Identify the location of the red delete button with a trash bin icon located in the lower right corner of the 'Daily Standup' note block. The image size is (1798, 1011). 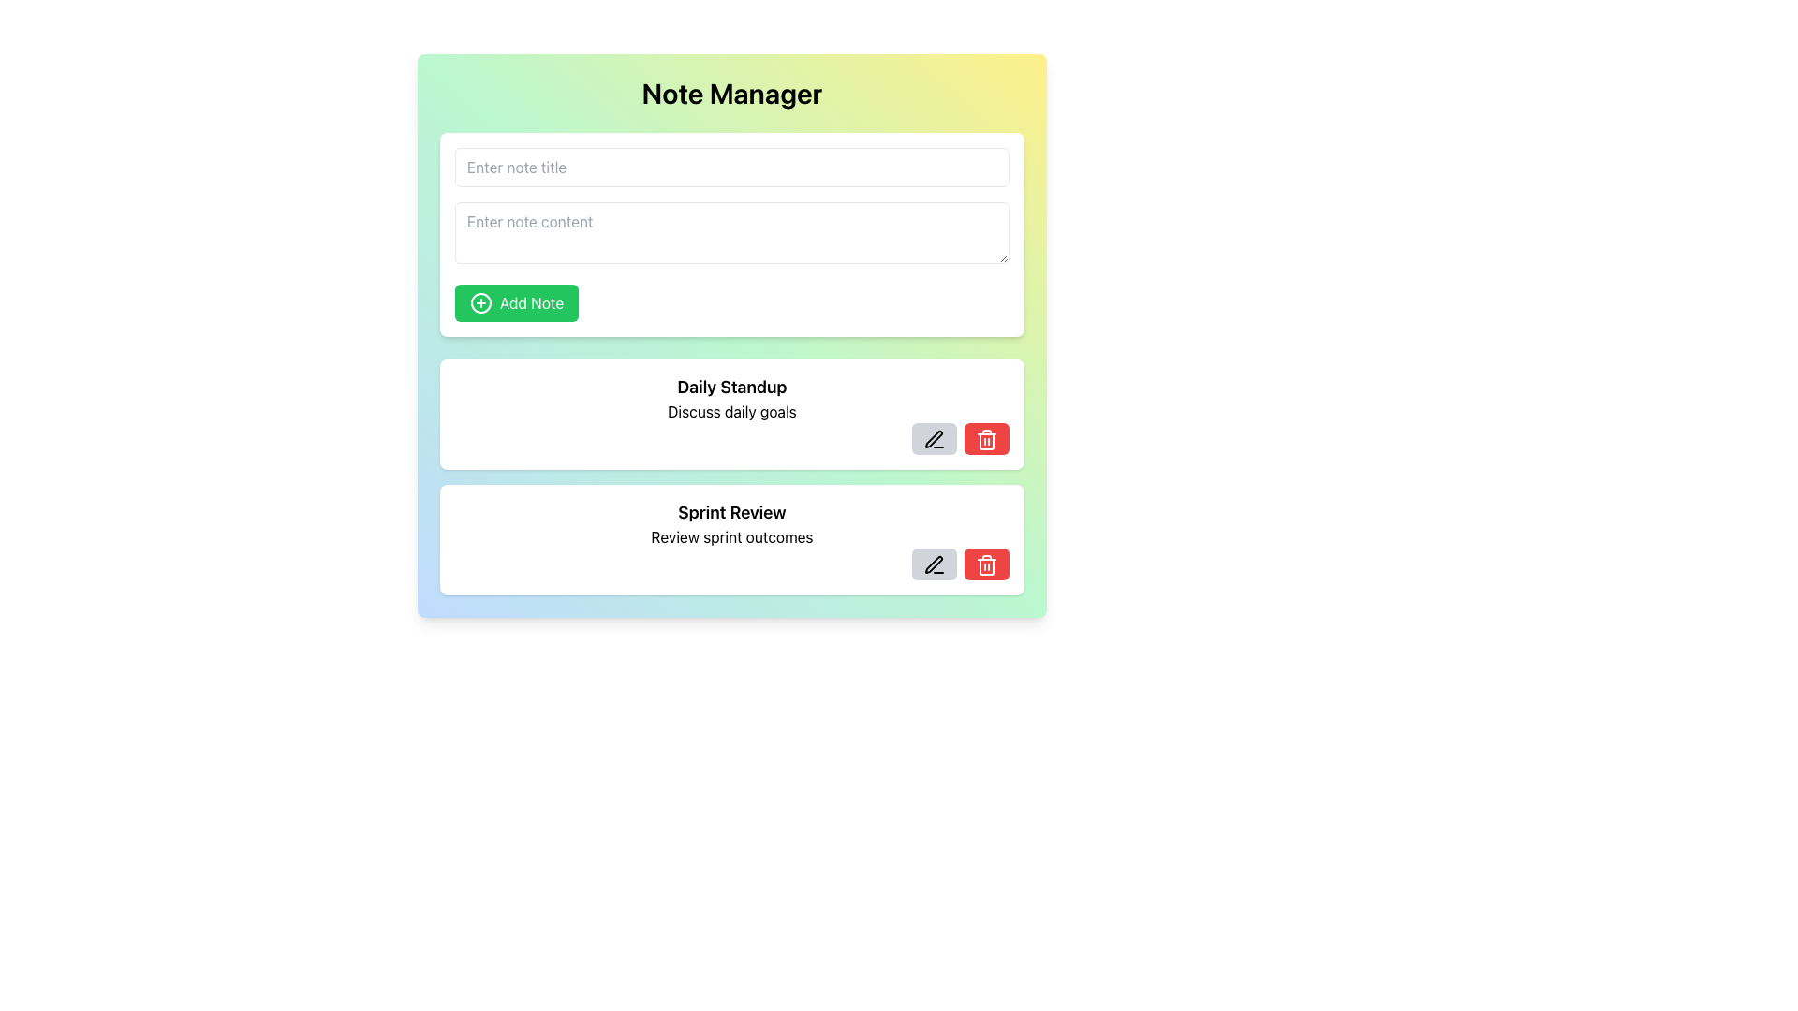
(986, 437).